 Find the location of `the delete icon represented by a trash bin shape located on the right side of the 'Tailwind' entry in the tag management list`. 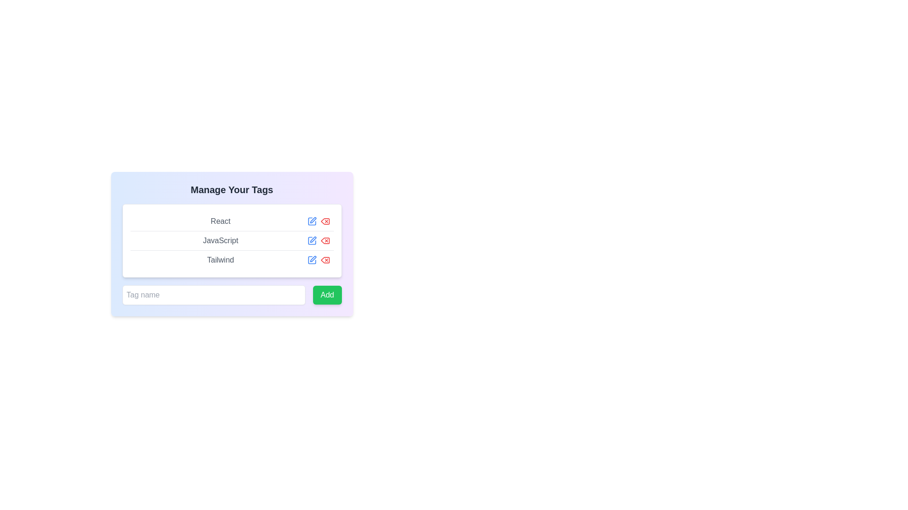

the delete icon represented by a trash bin shape located on the right side of the 'Tailwind' entry in the tag management list is located at coordinates (325, 260).